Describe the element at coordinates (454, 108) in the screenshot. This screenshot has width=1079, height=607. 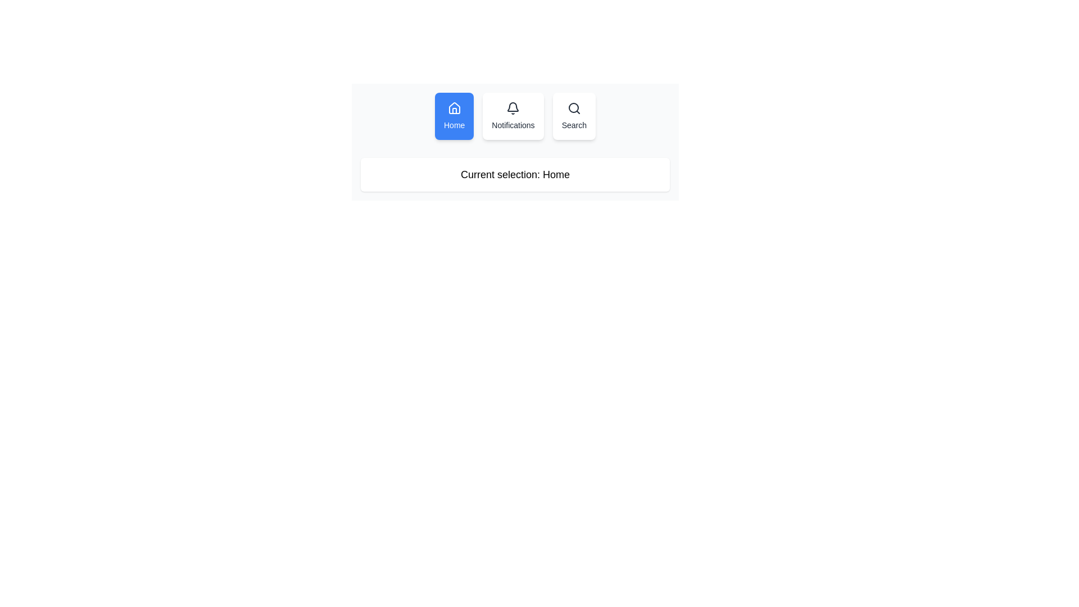
I see `the visual state of the house icon, which is the centerpiece of the 'Home' button in the navigation bar` at that location.